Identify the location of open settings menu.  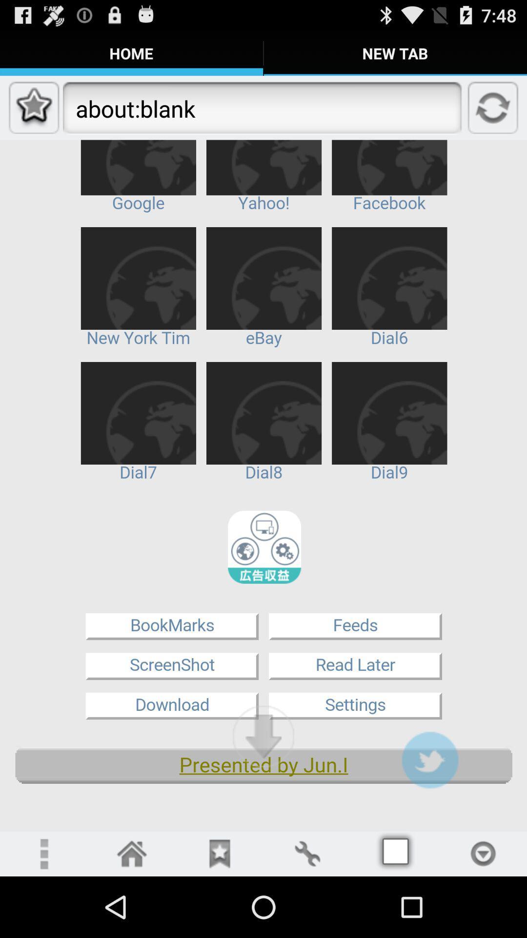
(306, 853).